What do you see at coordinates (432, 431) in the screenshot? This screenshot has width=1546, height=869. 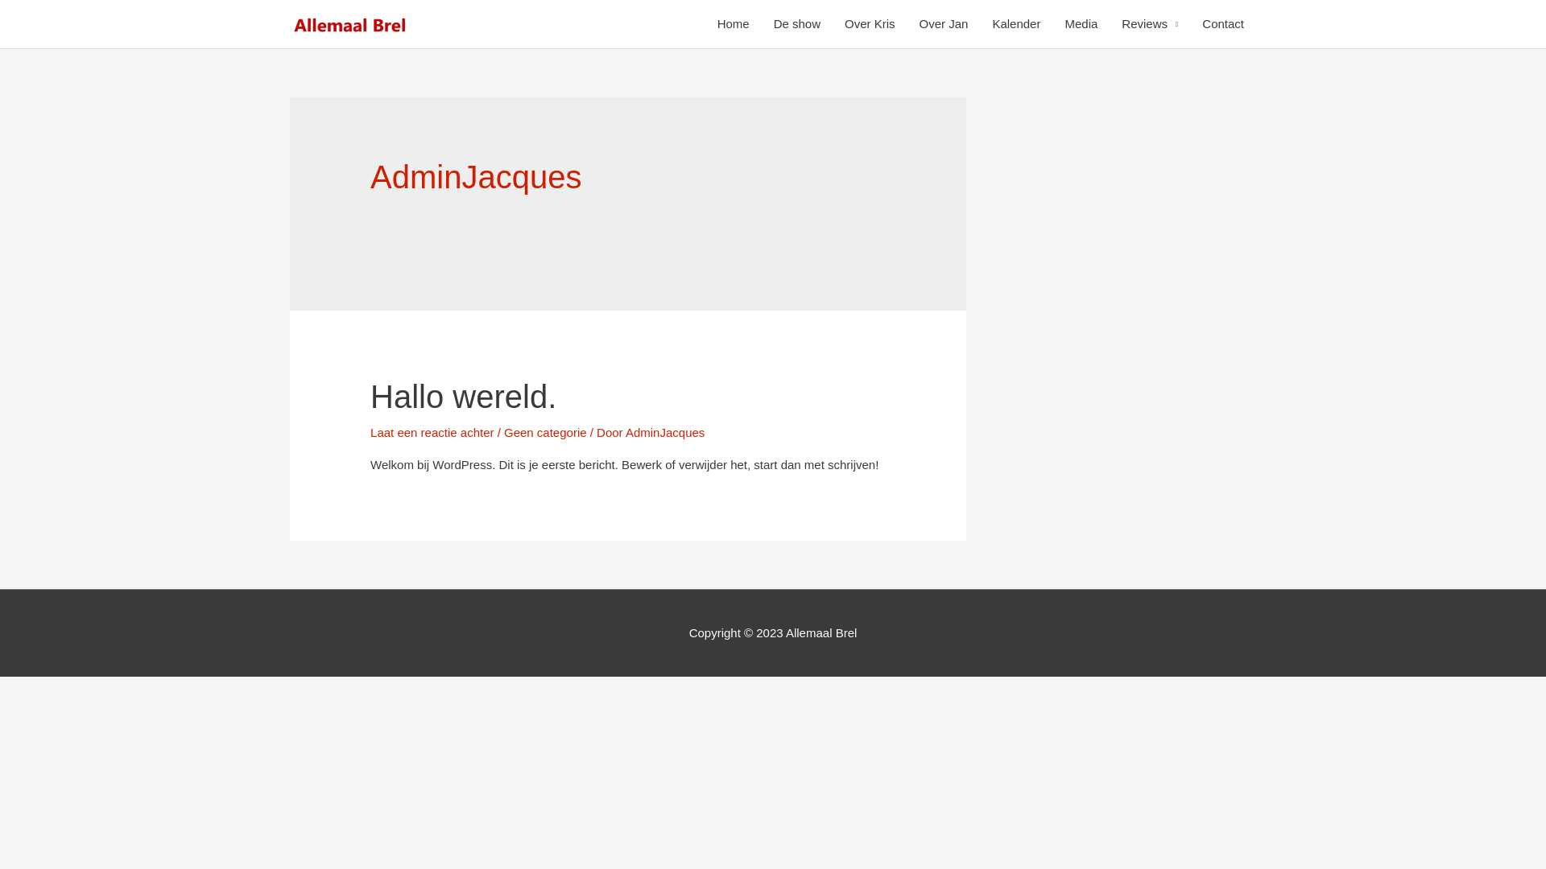 I see `'Laat een reactie achter'` at bounding box center [432, 431].